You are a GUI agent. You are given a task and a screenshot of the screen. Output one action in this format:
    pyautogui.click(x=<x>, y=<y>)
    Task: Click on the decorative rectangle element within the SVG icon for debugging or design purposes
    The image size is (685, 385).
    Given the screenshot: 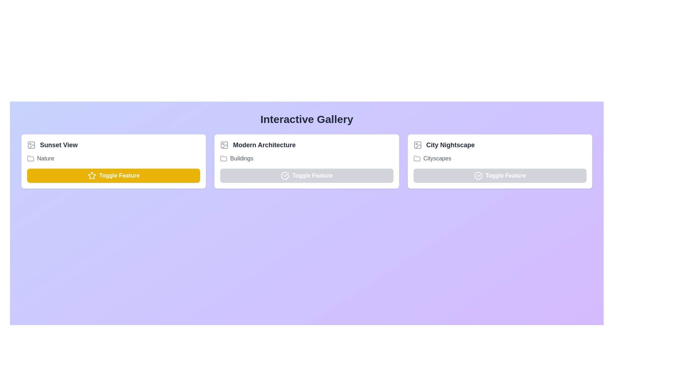 What is the action you would take?
    pyautogui.click(x=224, y=145)
    